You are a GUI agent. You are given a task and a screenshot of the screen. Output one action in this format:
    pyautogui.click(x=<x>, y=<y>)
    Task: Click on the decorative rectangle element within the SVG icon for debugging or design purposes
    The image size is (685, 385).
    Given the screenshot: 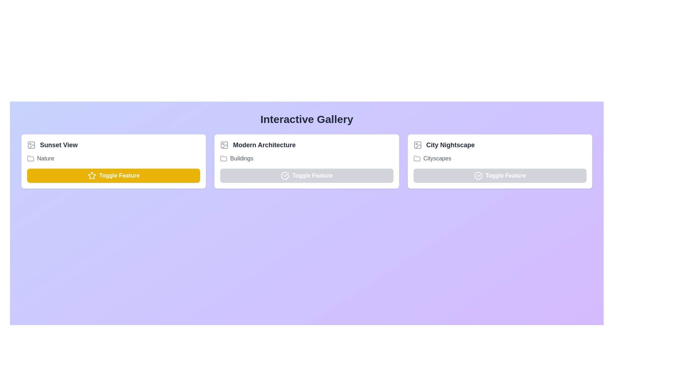 What is the action you would take?
    pyautogui.click(x=224, y=145)
    